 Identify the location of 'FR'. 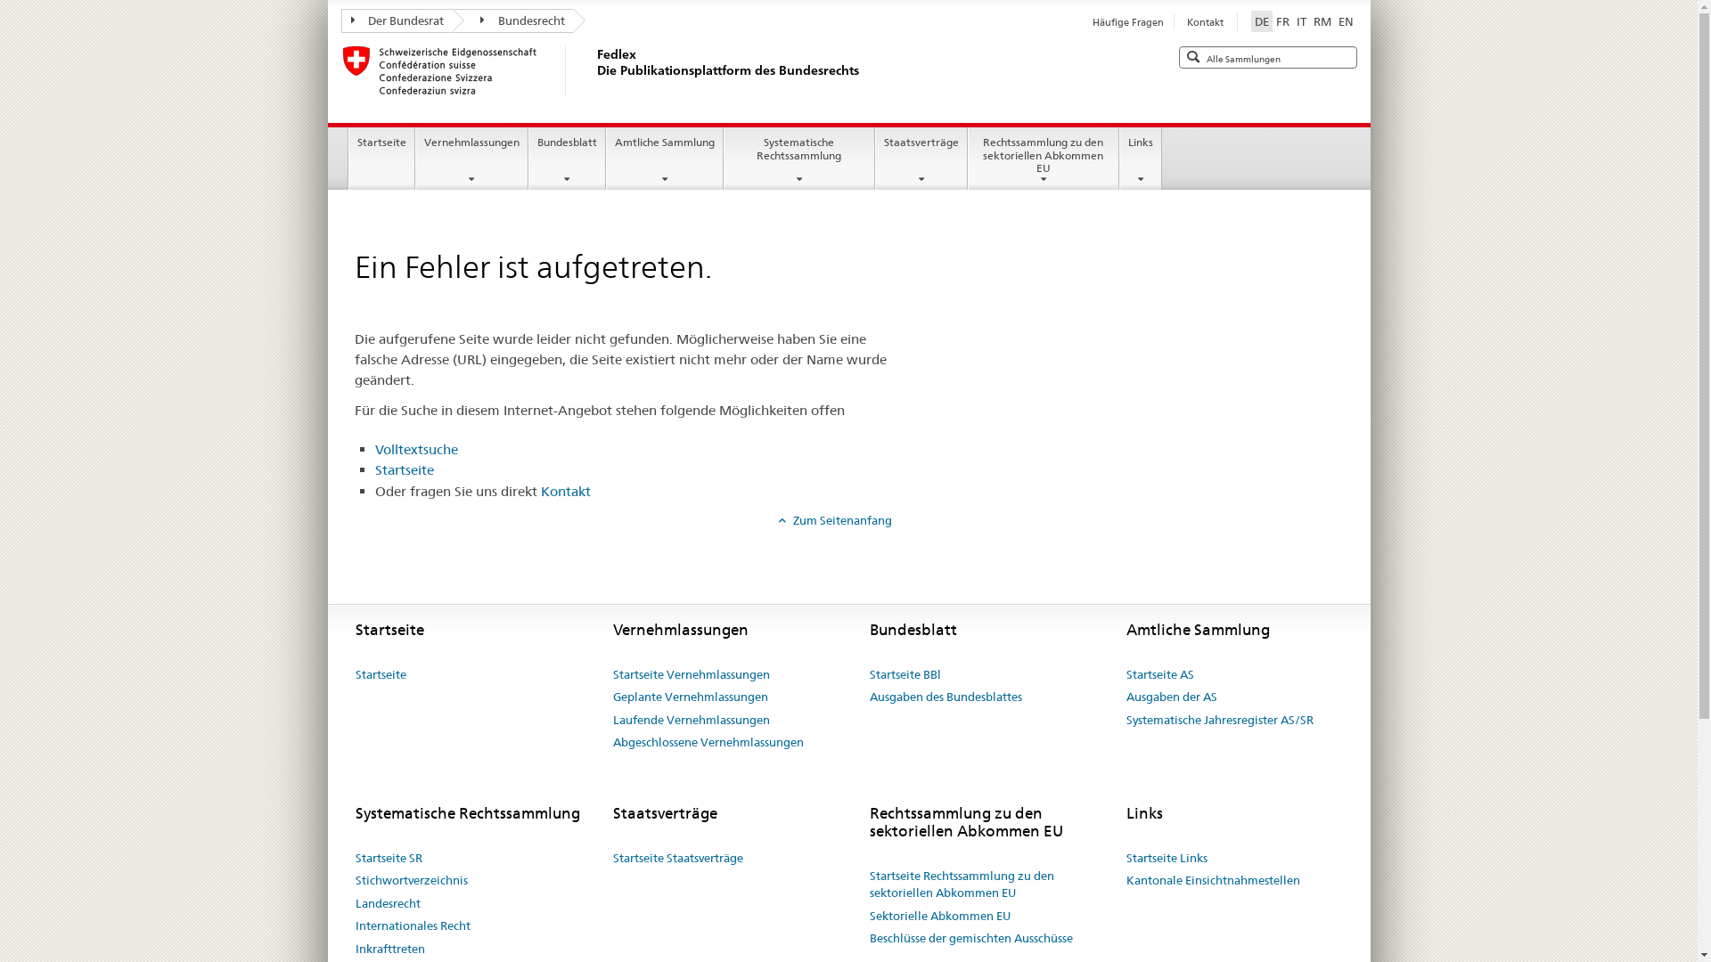
(1281, 20).